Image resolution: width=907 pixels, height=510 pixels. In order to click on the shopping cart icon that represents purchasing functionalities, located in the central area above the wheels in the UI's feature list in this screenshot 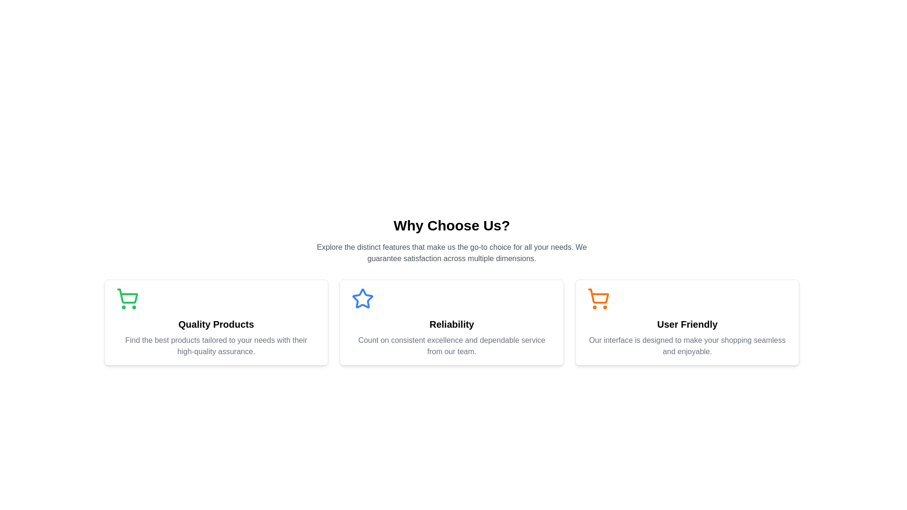, I will do `click(127, 296)`.